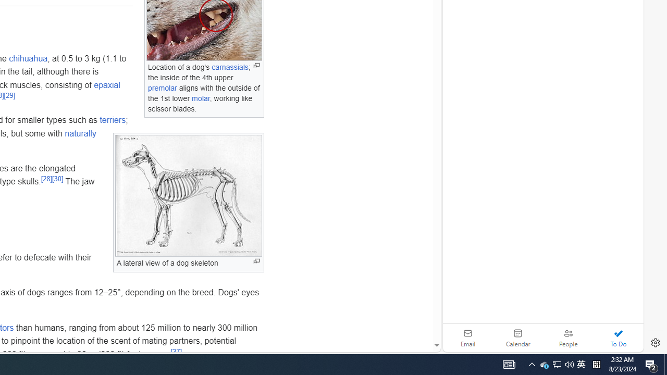 The width and height of the screenshot is (667, 375). Describe the element at coordinates (57, 178) in the screenshot. I see `'[30]'` at that location.